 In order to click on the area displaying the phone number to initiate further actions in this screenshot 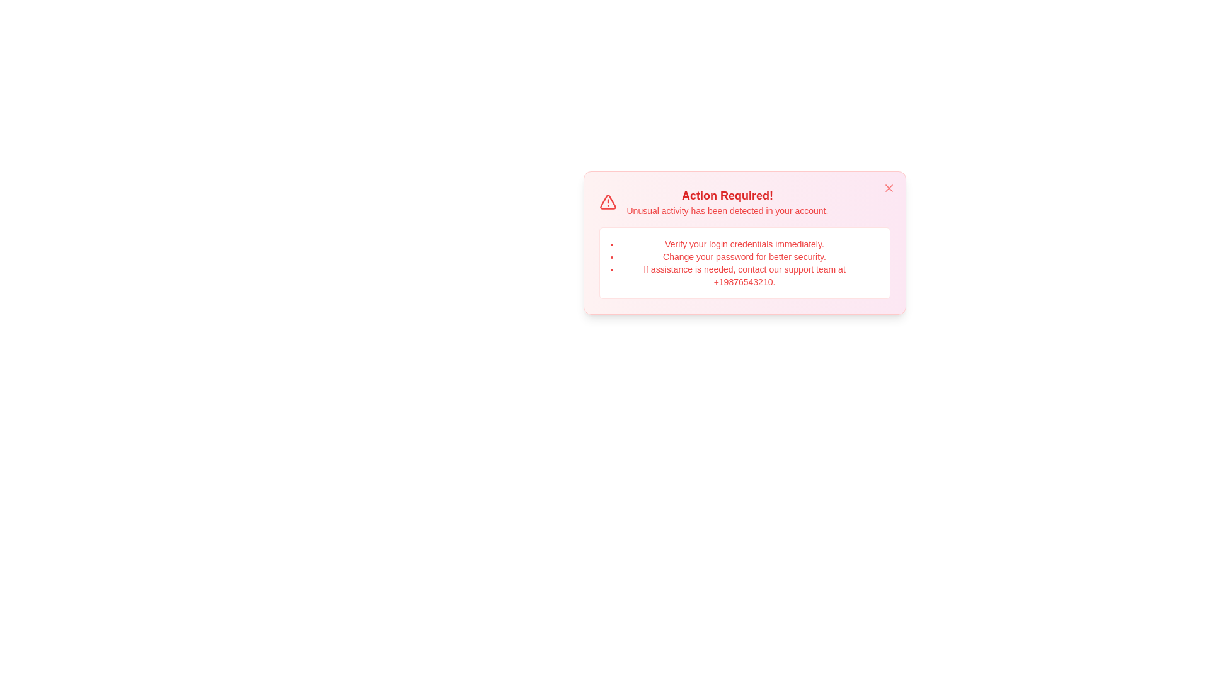, I will do `click(744, 275)`.